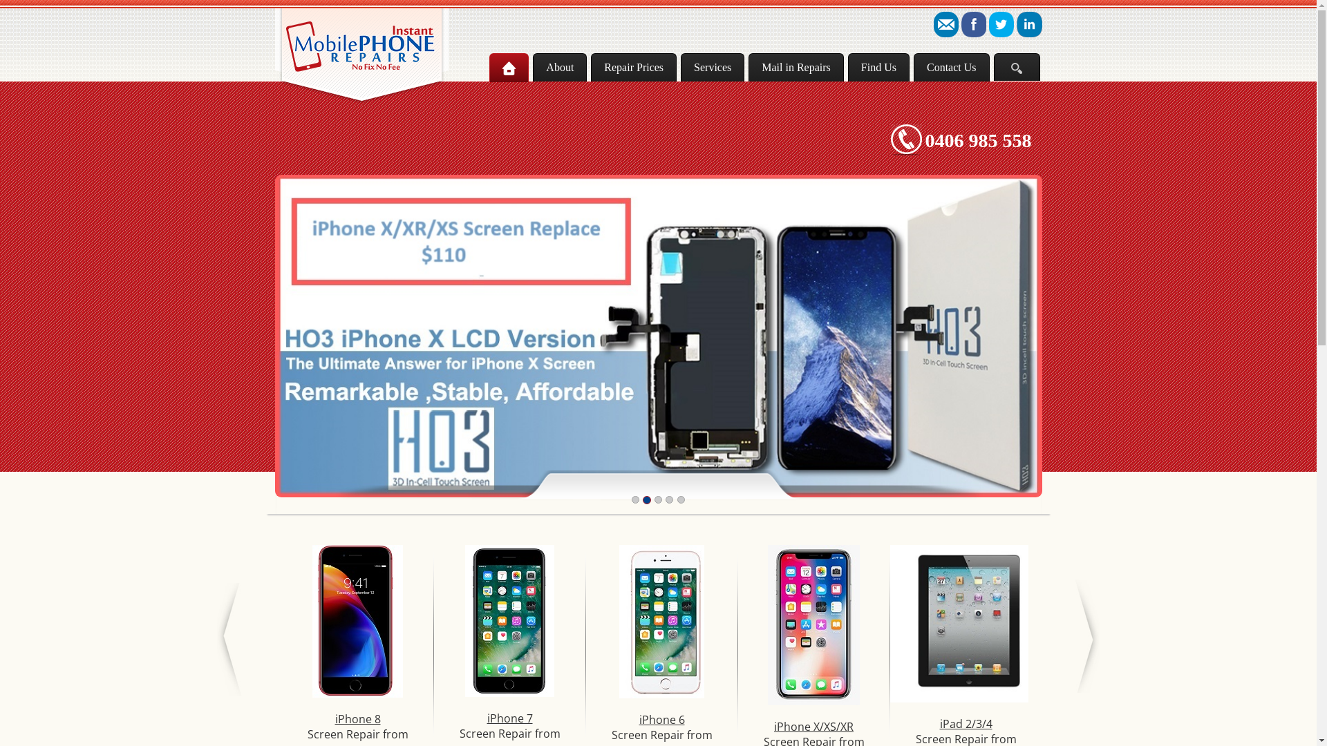  What do you see at coordinates (560, 67) in the screenshot?
I see `'About'` at bounding box center [560, 67].